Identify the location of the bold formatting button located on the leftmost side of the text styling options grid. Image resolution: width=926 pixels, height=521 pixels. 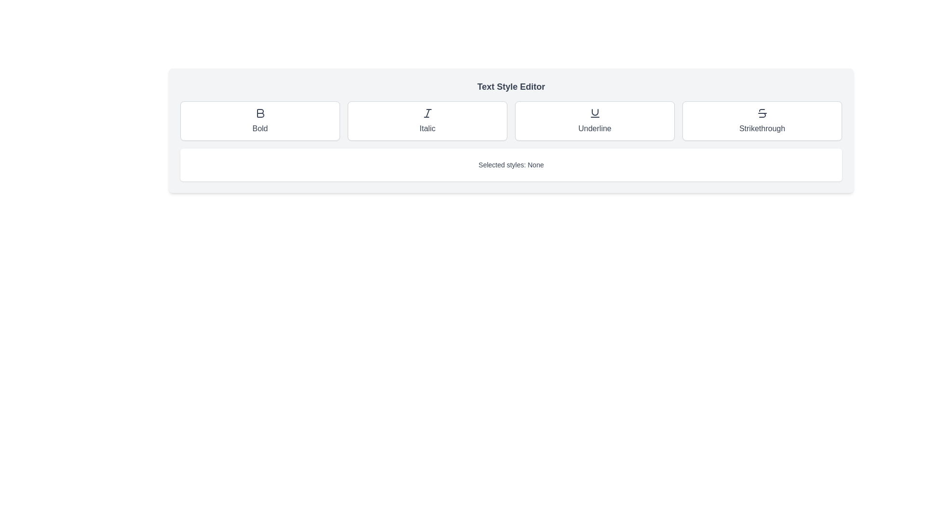
(260, 120).